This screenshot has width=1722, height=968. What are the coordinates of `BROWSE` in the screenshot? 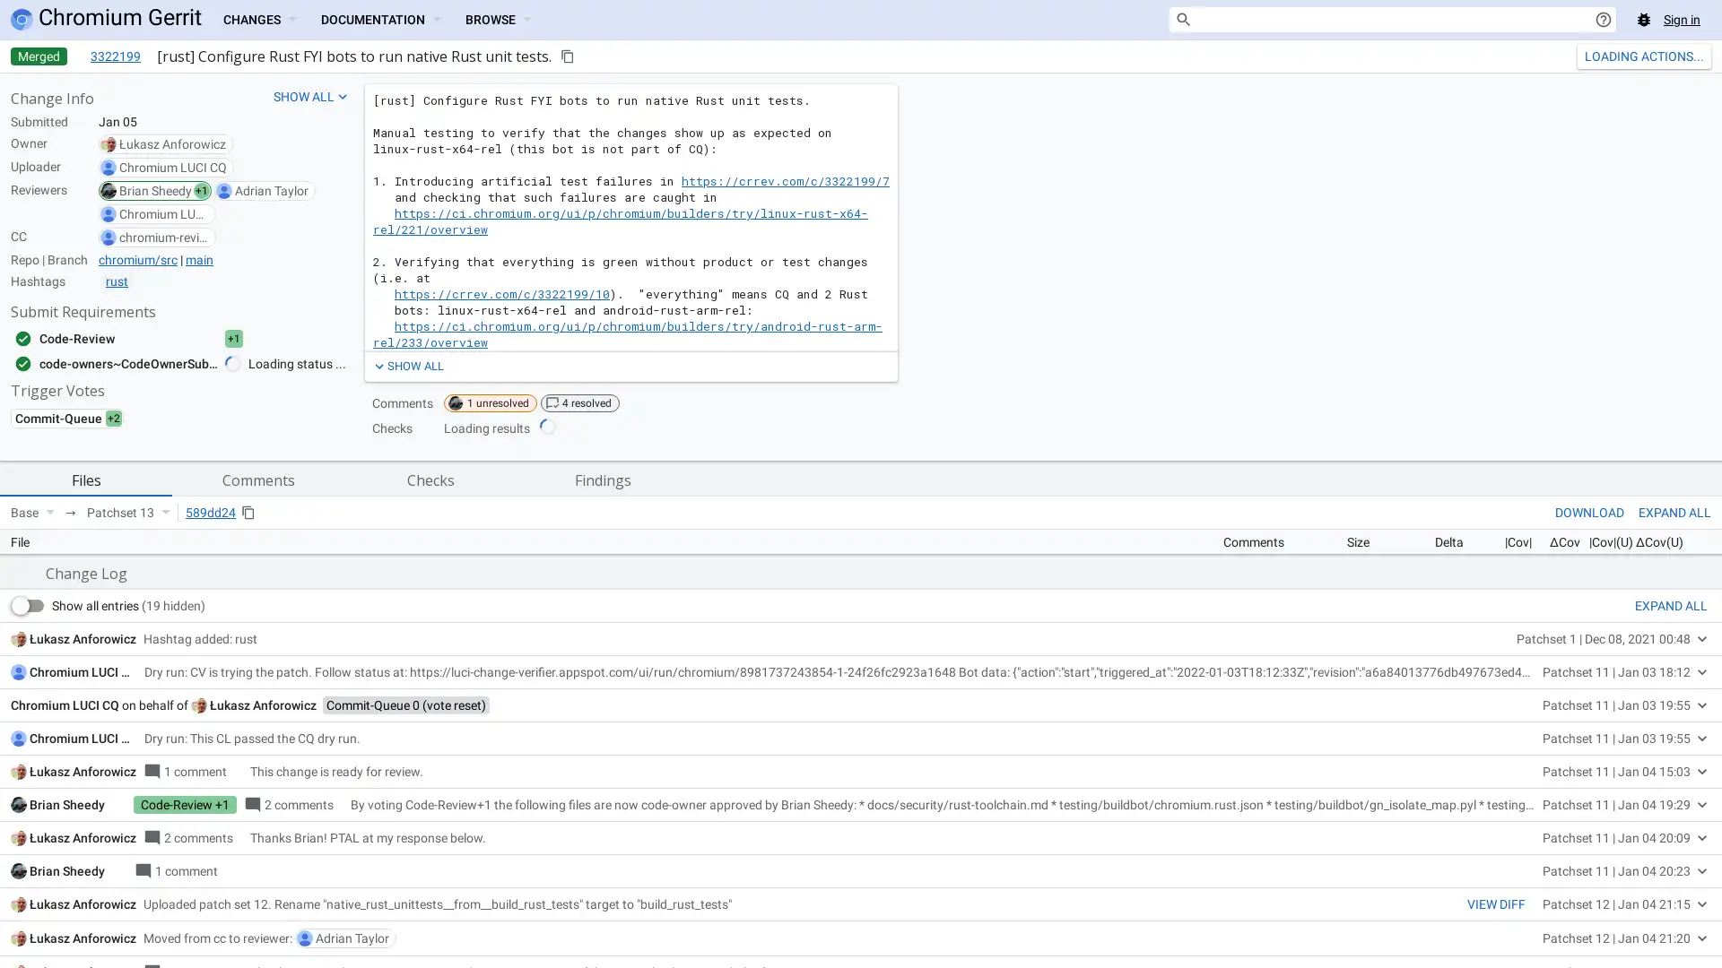 It's located at (498, 20).